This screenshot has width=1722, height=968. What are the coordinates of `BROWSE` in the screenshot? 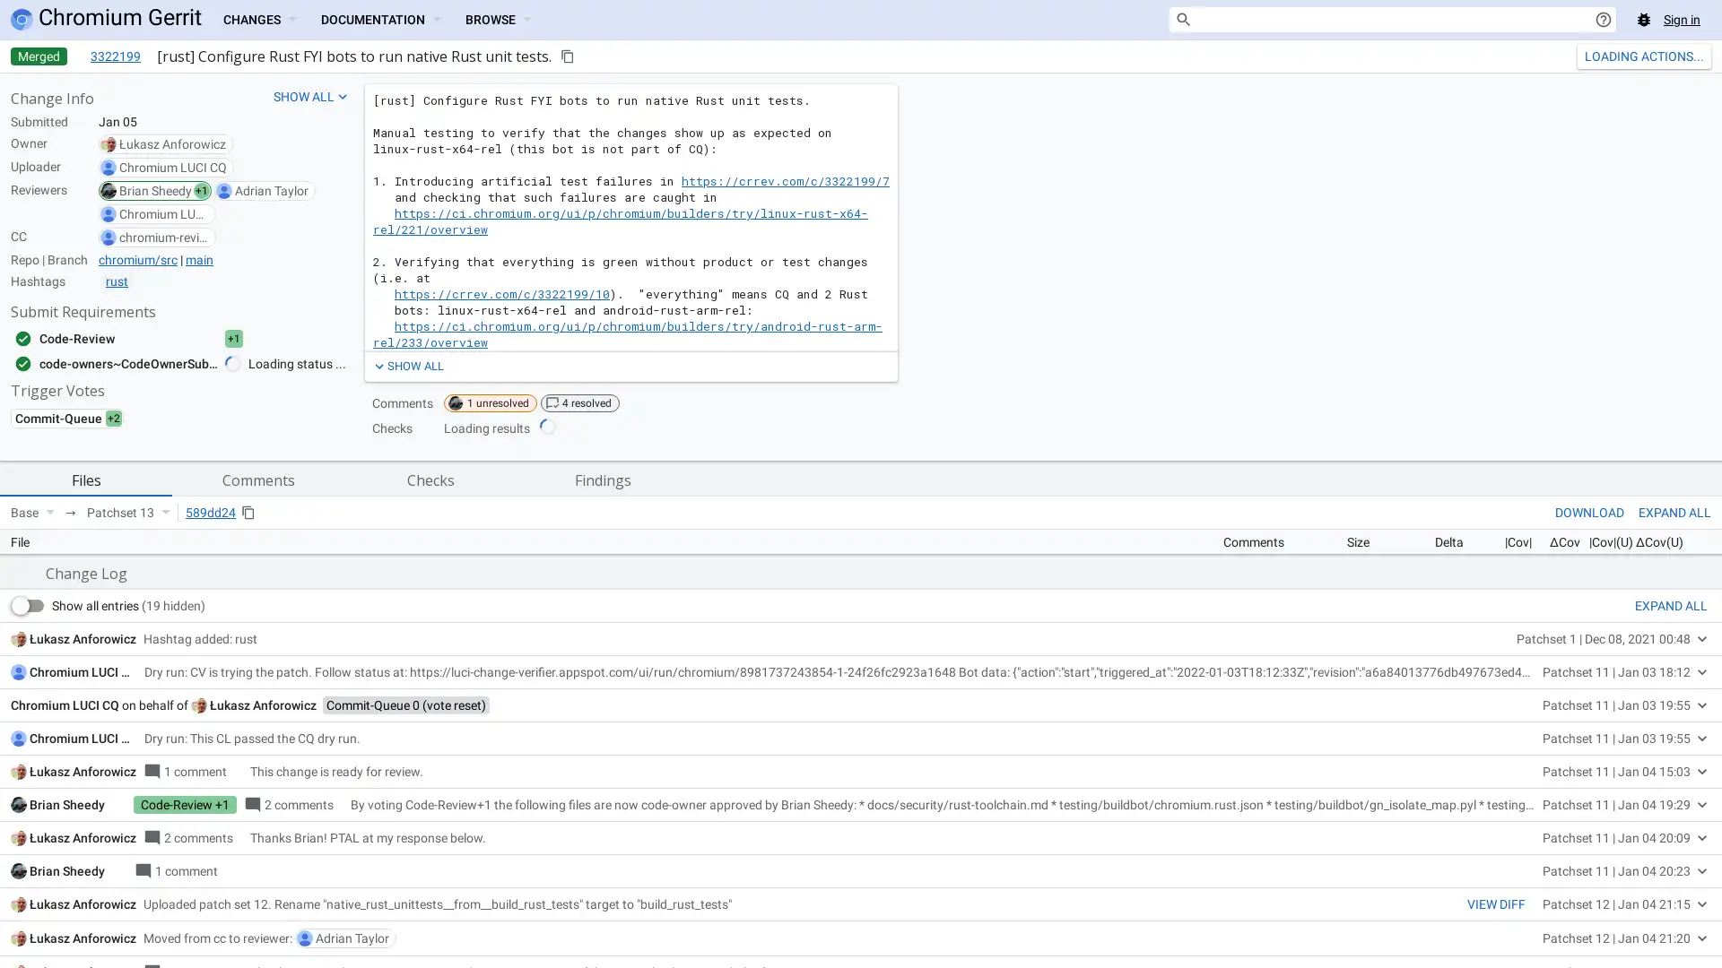 It's located at (498, 20).